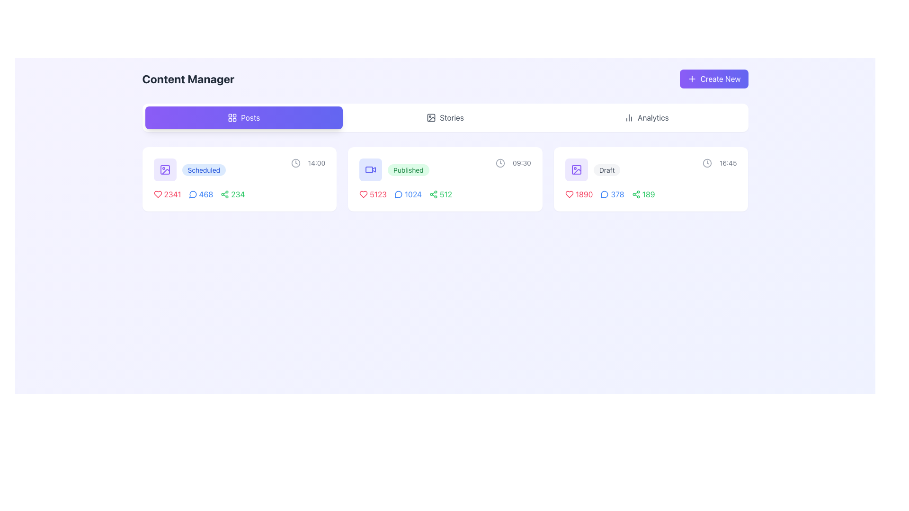 This screenshot has width=909, height=511. I want to click on the small clock icon with a circular shape located in the 'Scheduled' category of the dashboard, which appears to the right of the blue 'Scheduled' label and just before the time display '14:00', so click(295, 162).